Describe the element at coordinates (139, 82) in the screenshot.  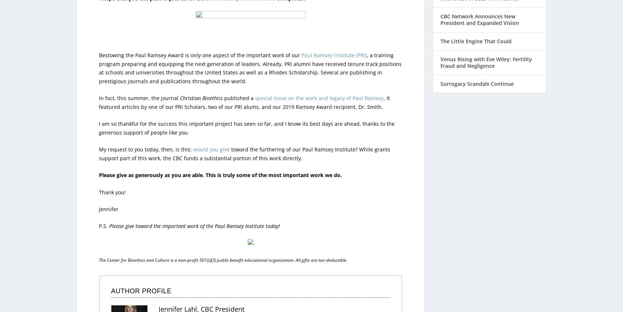
I see `'In fact, this summer, the journal'` at that location.